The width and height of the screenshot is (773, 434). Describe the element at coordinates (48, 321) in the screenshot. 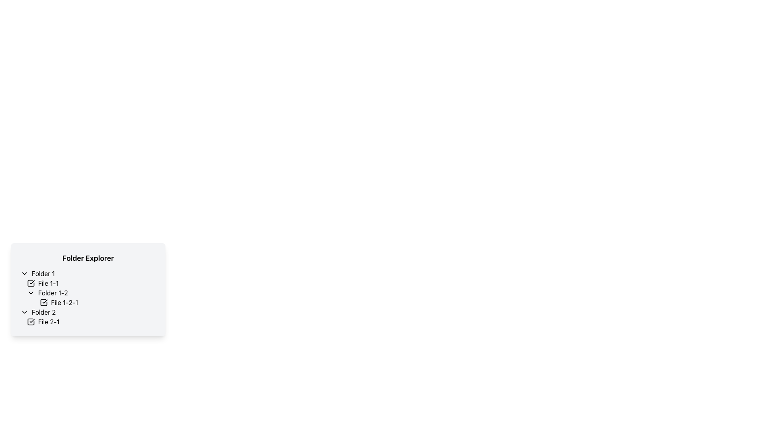

I see `the text label 'File 2-1' associated with the checkbox in the file explorer` at that location.